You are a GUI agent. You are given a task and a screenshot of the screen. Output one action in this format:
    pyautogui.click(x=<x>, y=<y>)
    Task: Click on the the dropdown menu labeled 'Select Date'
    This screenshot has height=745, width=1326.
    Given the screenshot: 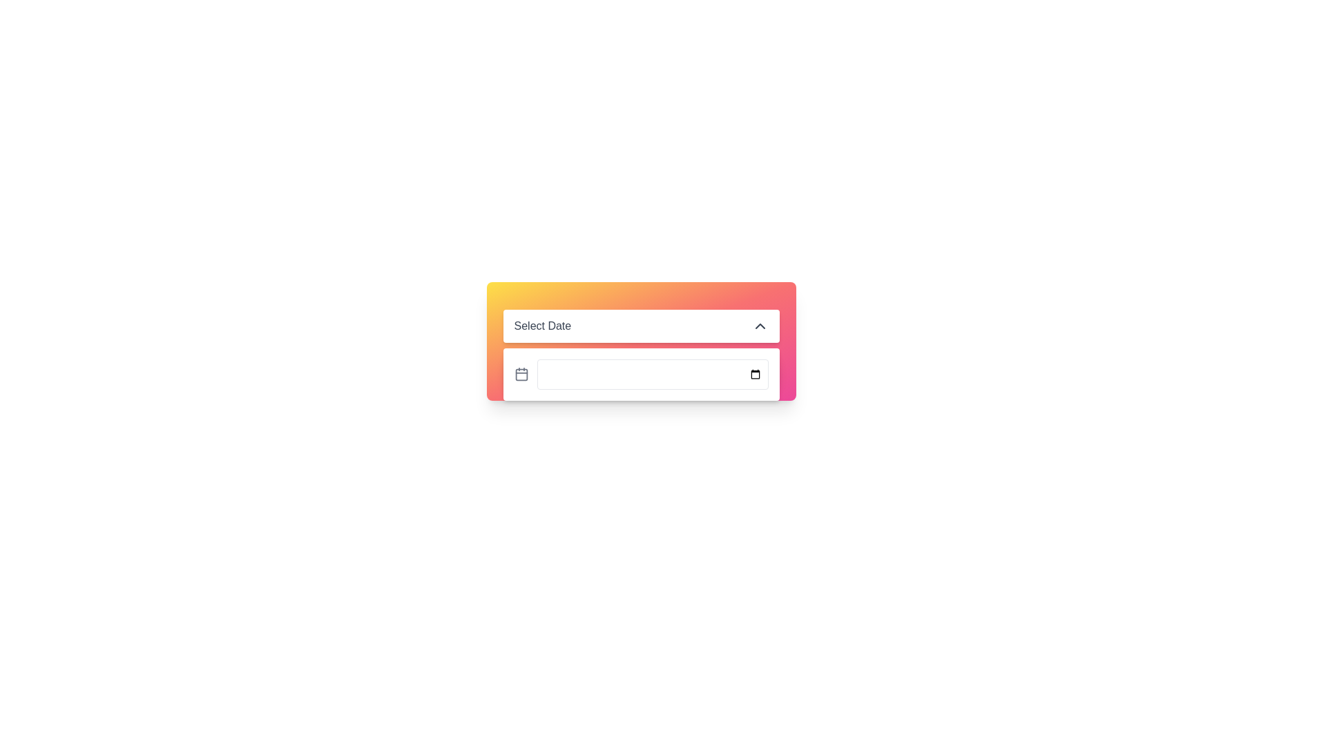 What is the action you would take?
    pyautogui.click(x=640, y=326)
    